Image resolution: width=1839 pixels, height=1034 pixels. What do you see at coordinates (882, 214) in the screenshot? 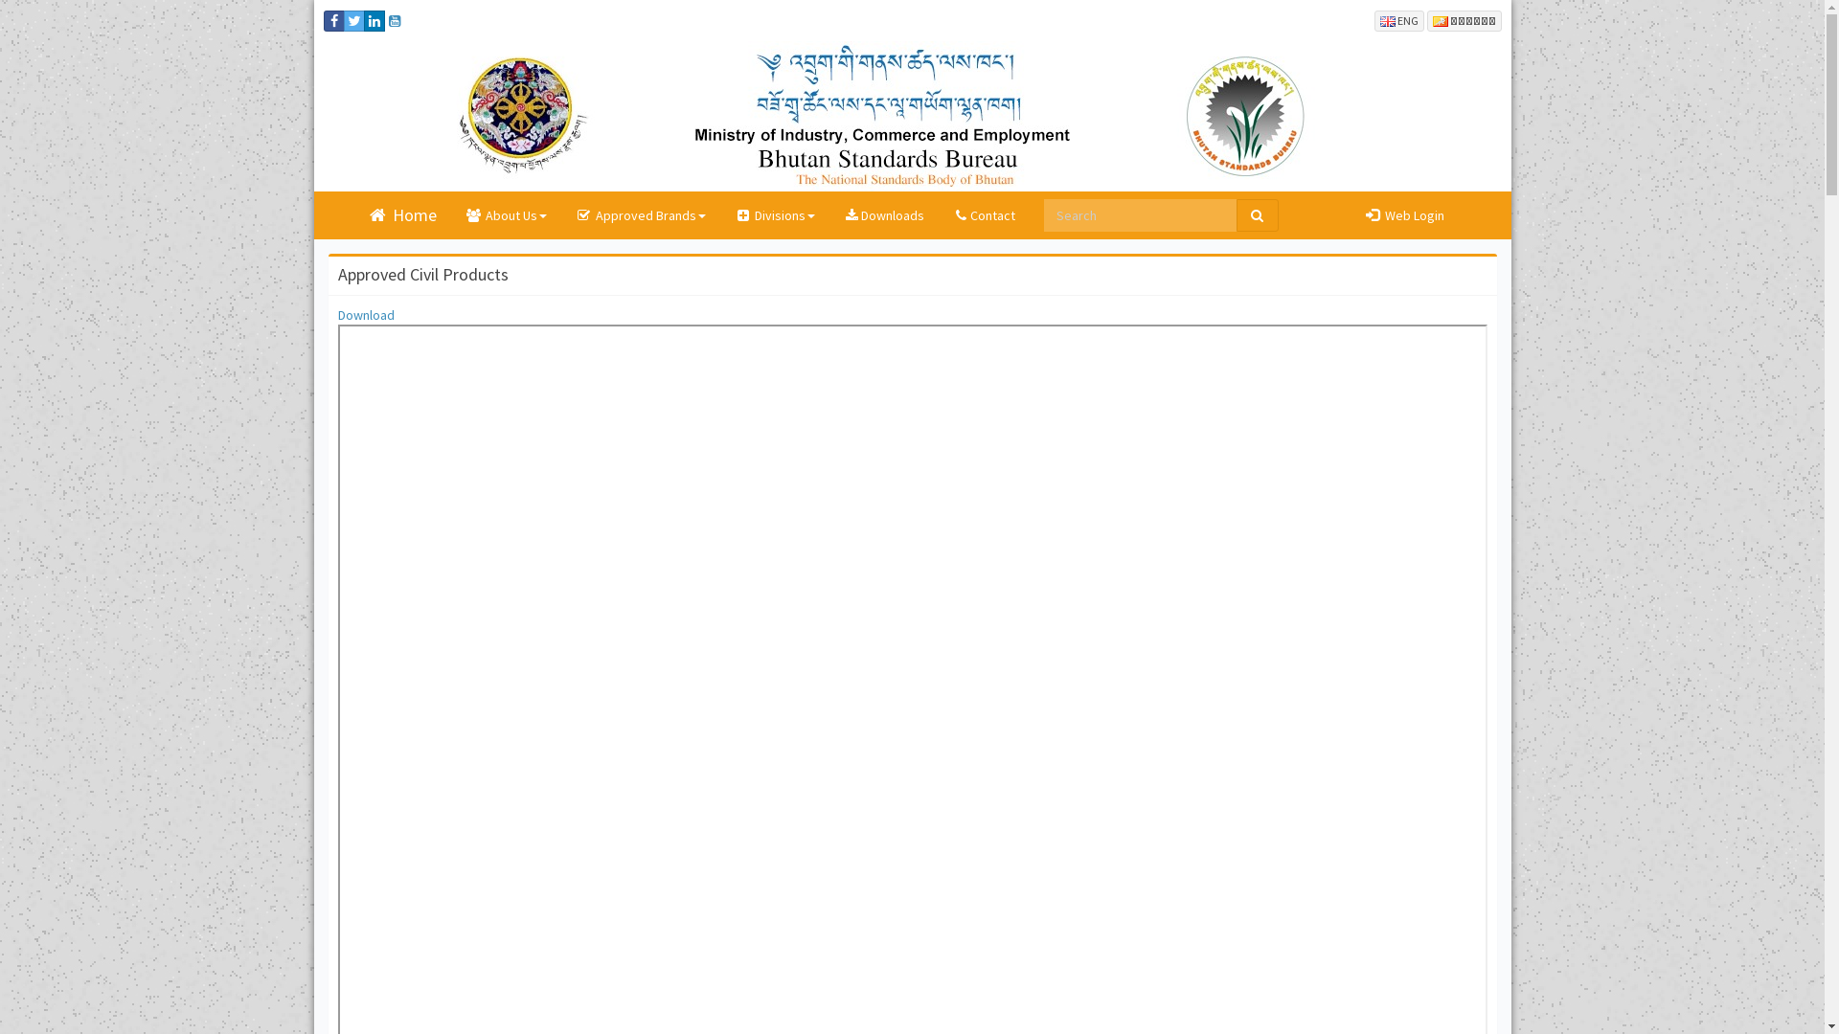
I see `'Downloads'` at bounding box center [882, 214].